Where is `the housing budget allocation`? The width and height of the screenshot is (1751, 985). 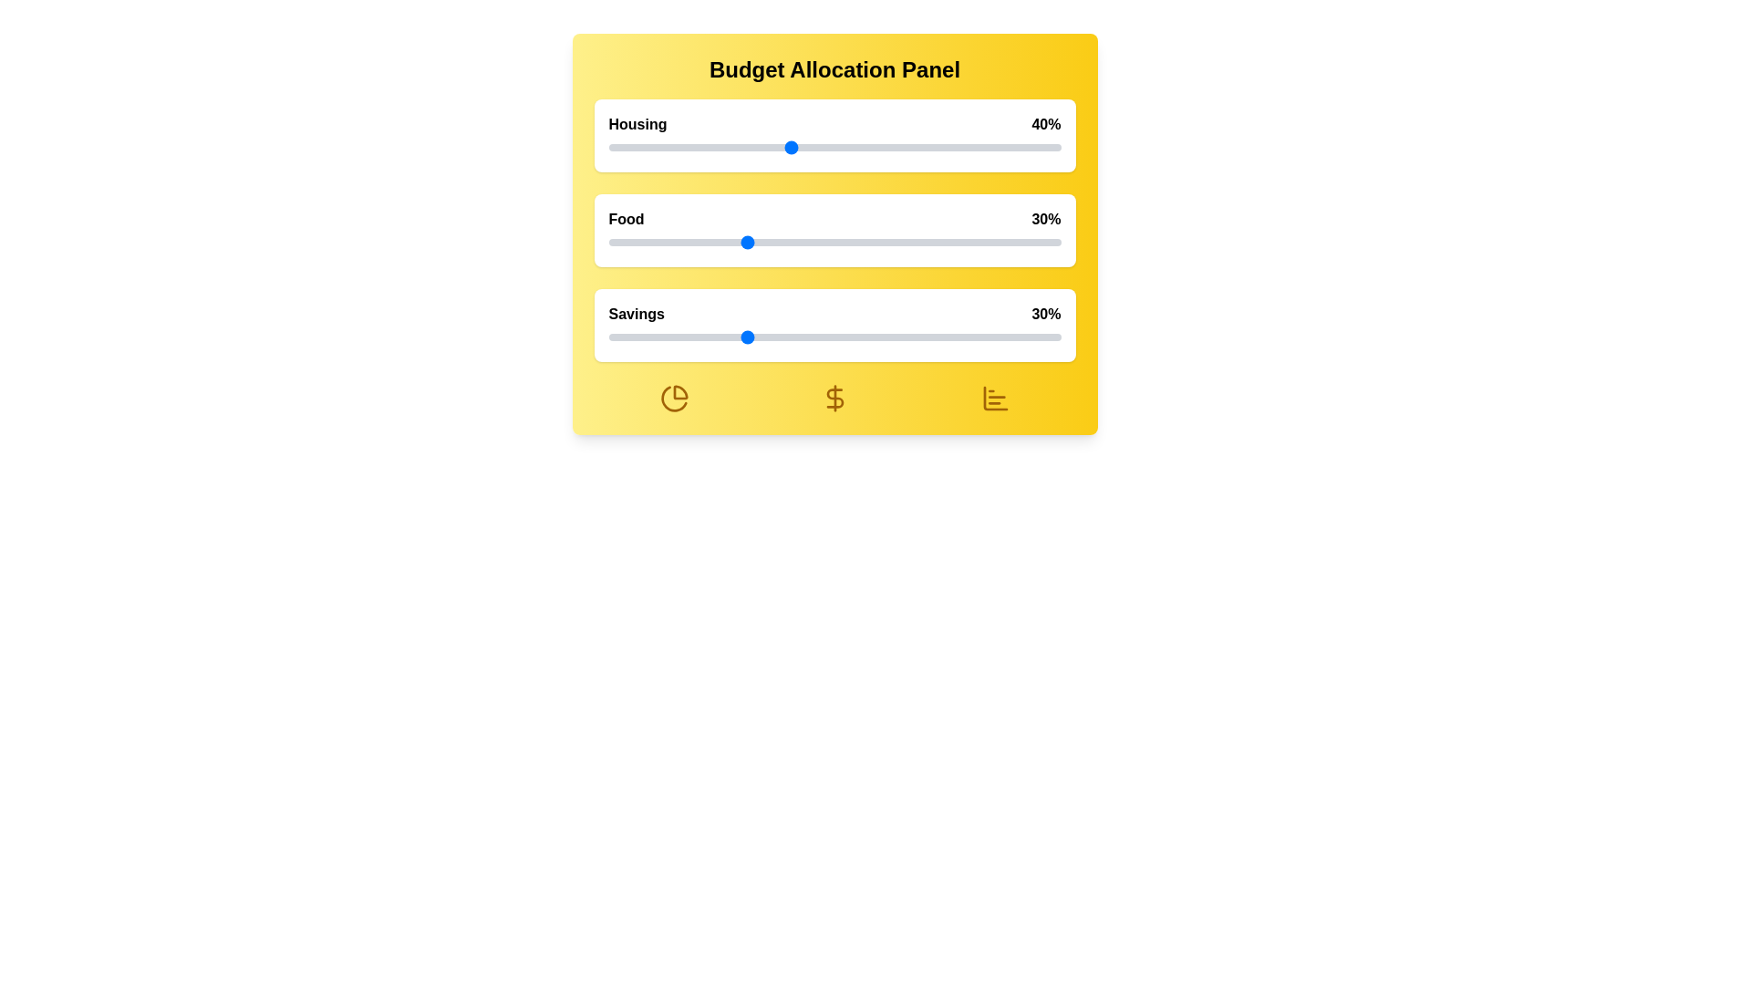
the housing budget allocation is located at coordinates (666, 147).